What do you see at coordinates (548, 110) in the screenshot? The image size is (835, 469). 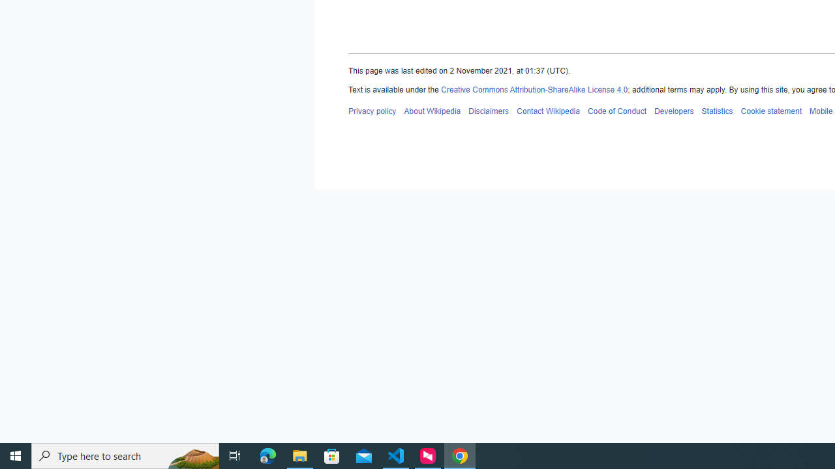 I see `'Contact Wikipedia'` at bounding box center [548, 110].